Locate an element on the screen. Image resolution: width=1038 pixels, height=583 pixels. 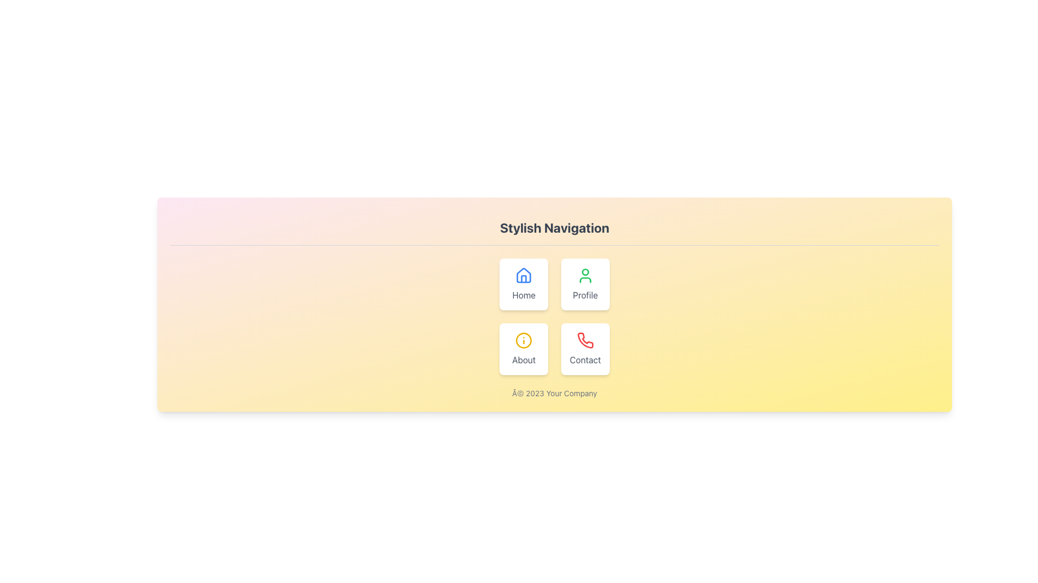
the 'Contact' button in the navigation menu to activate the contact option is located at coordinates (584, 340).